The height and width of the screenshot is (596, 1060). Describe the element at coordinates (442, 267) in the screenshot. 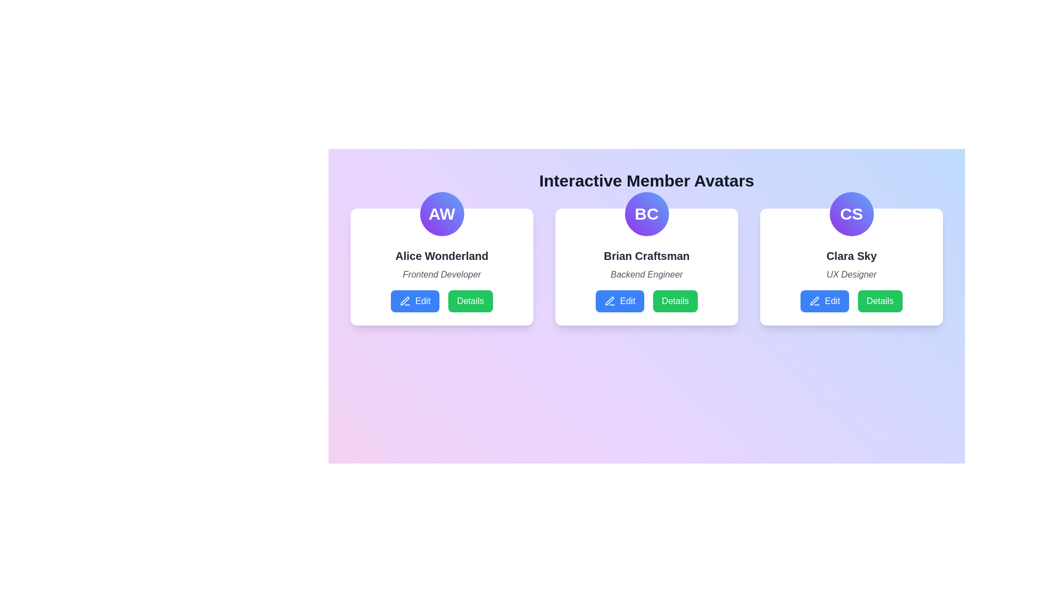

I see `the Profile Card displaying the user's name and role, which is the first card in the grid on the left` at that location.